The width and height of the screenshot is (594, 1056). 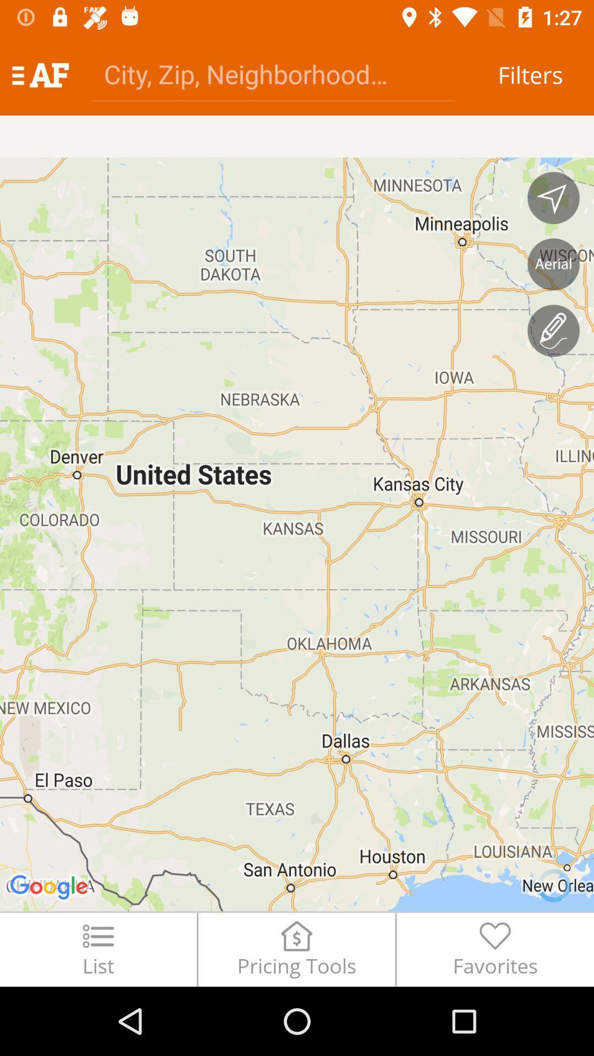 I want to click on the avatar icon, so click(x=553, y=264).